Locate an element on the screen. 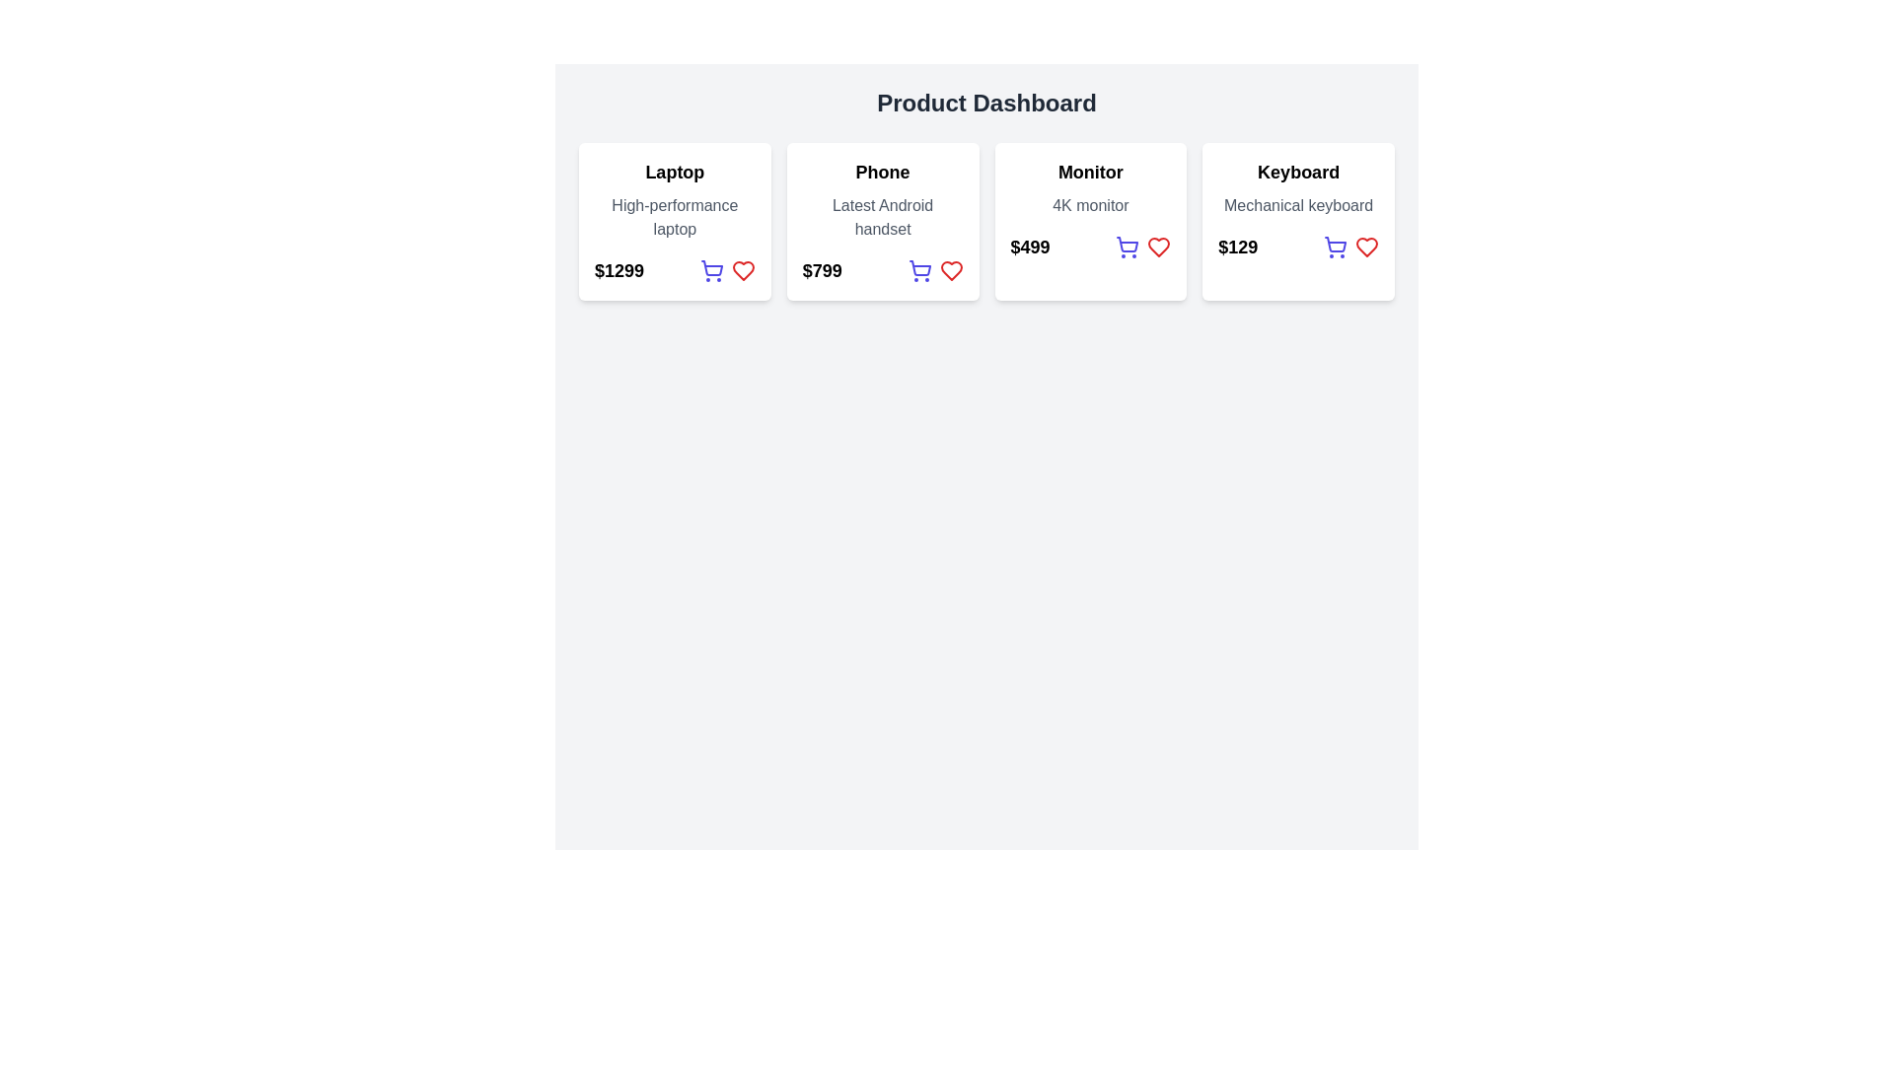  displayed price from the Text Label that shows the price of the 'Monitor' product, located centrally within the card labeled 'Monitor' in the product dashboard interface is located at coordinates (1029, 246).